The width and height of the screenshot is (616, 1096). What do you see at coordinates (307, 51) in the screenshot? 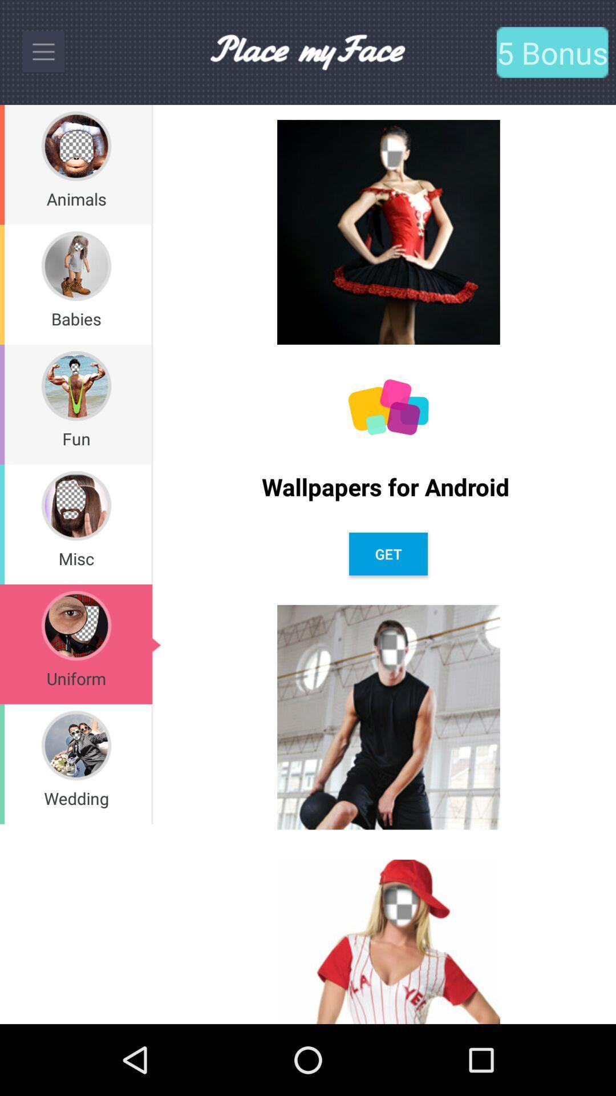
I see `tag the logo mentioned at center top of the page` at bounding box center [307, 51].